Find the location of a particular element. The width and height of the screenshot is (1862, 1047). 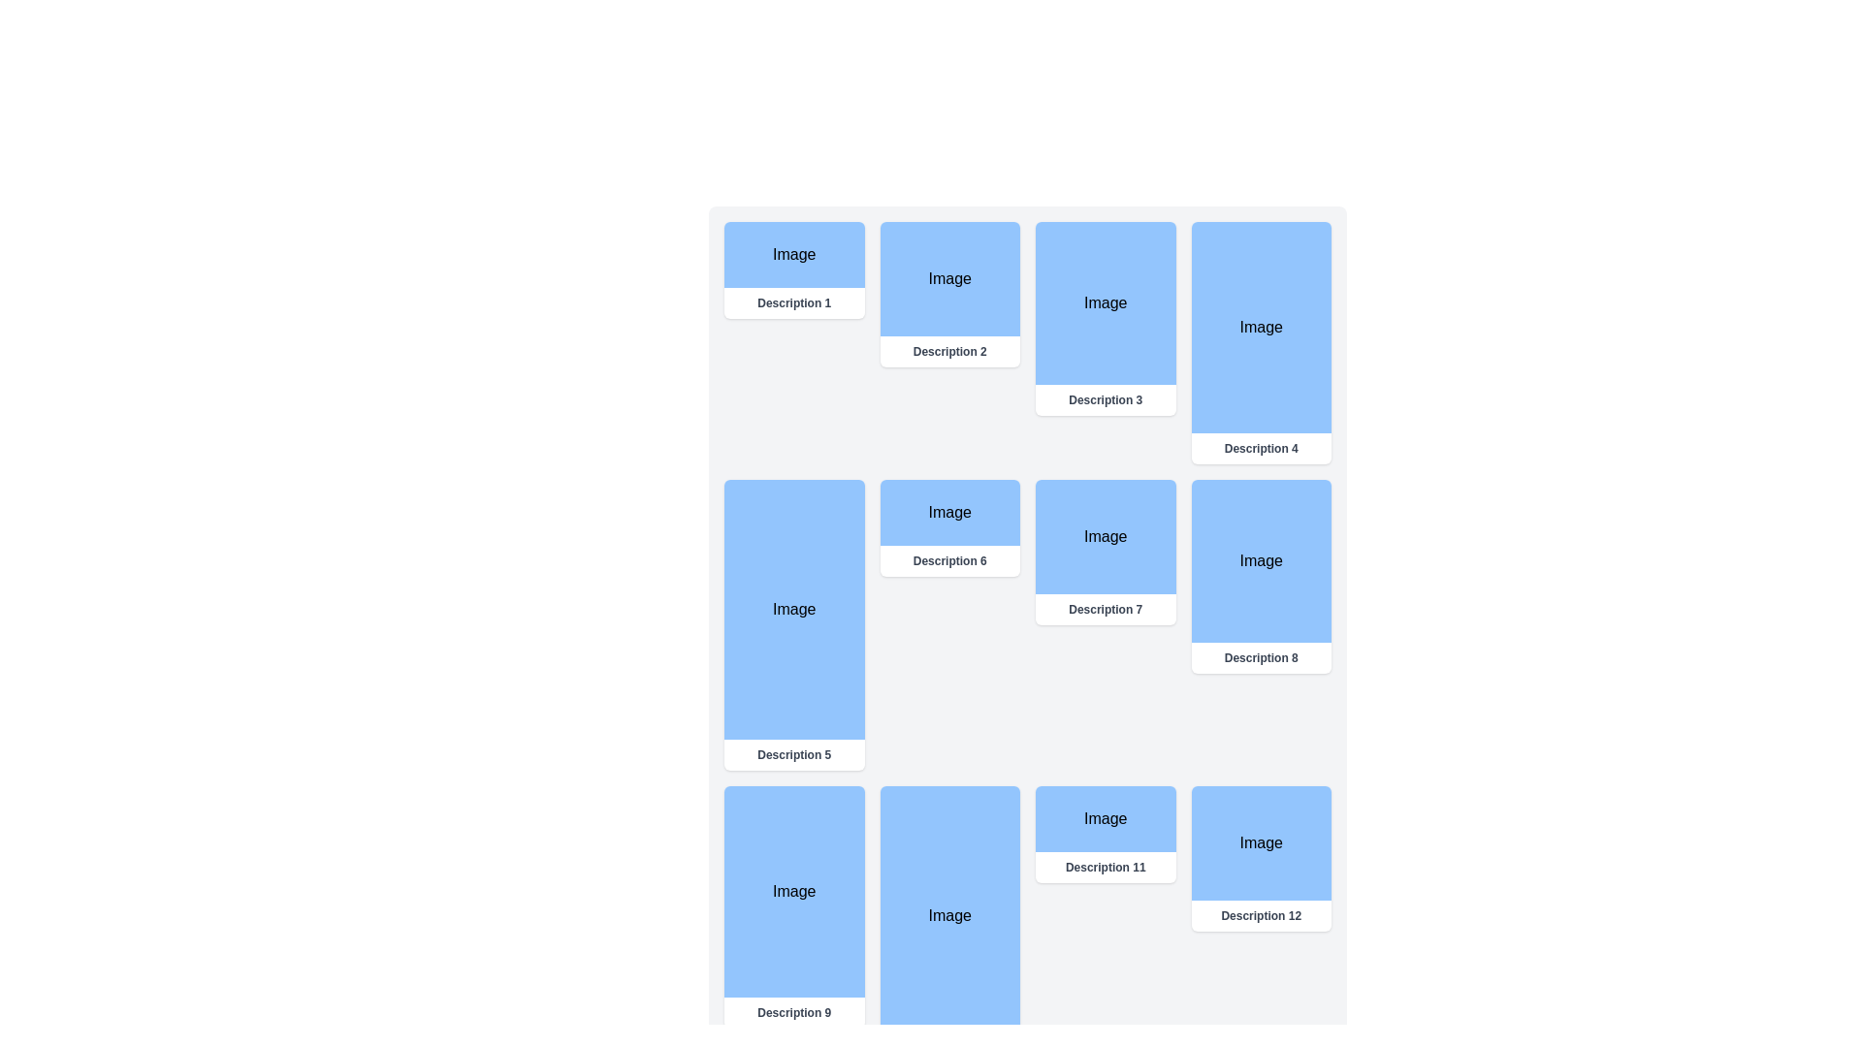

the first card in the grid layout, which has a white background, an image placeholder with a blue background, and a text label 'Description 1' is located at coordinates (794, 270).